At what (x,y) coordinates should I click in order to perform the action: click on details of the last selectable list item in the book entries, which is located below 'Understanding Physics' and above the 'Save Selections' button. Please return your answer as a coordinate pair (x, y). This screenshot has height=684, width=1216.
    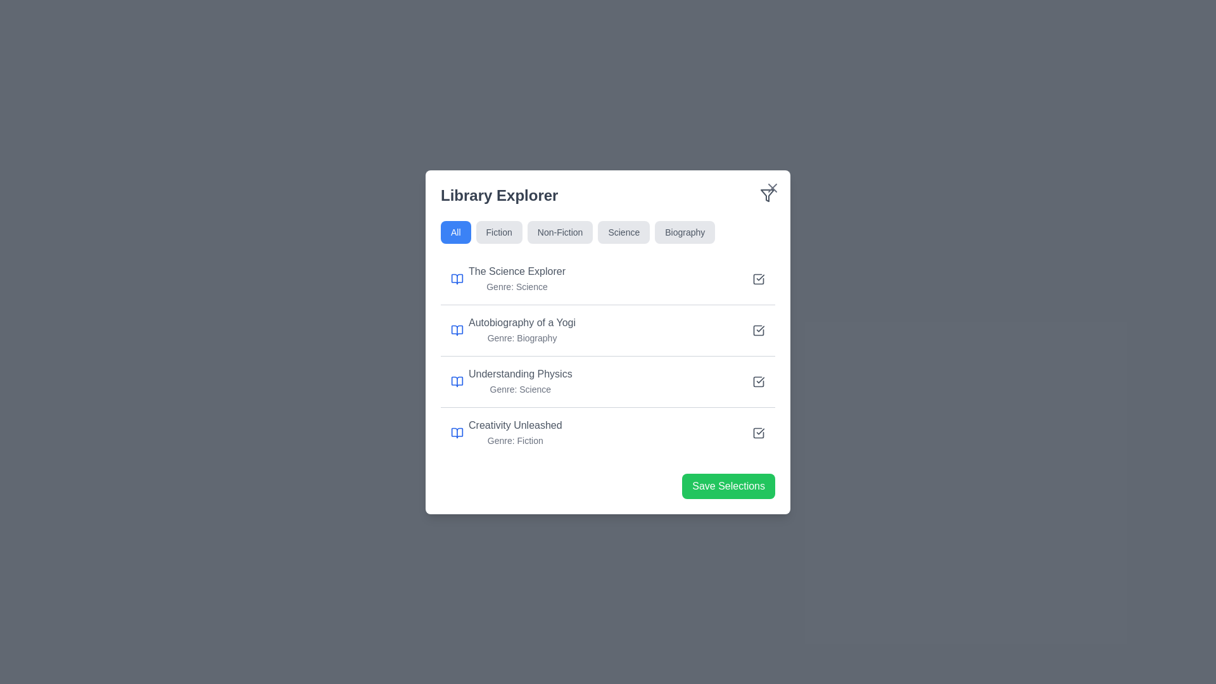
    Looking at the image, I should click on (608, 431).